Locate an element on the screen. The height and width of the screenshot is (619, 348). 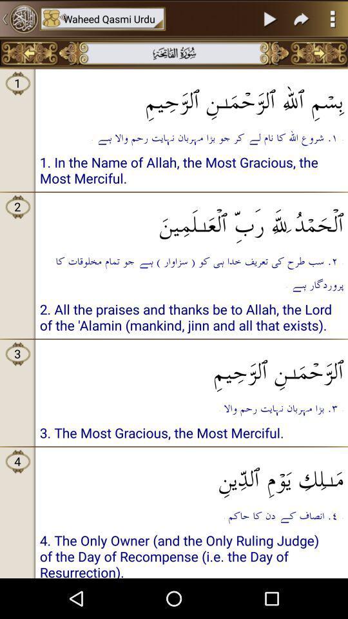
icon next to the 3 is located at coordinates (191, 368).